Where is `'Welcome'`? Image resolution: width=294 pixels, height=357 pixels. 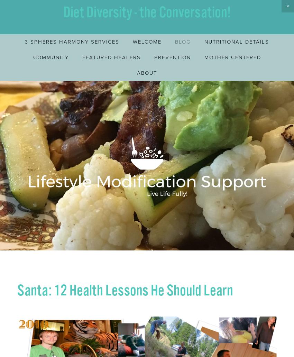
'Welcome' is located at coordinates (147, 42).